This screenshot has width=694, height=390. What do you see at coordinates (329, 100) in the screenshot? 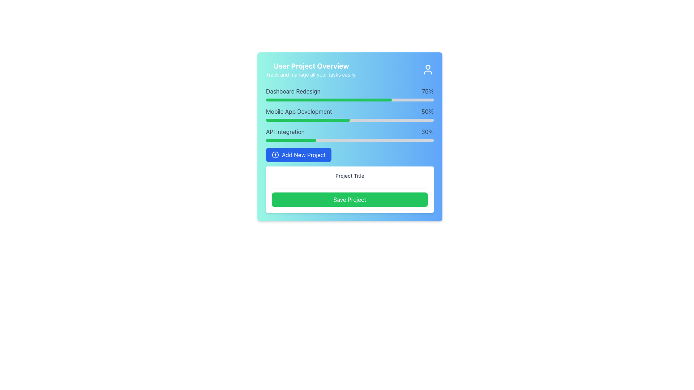
I see `green progress bar segment associated with the 'Dashboard Redesign' label to view its progress details` at bounding box center [329, 100].